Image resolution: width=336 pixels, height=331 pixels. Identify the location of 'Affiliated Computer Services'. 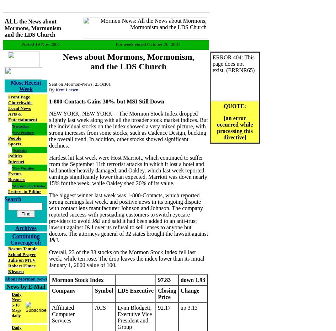
(63, 314).